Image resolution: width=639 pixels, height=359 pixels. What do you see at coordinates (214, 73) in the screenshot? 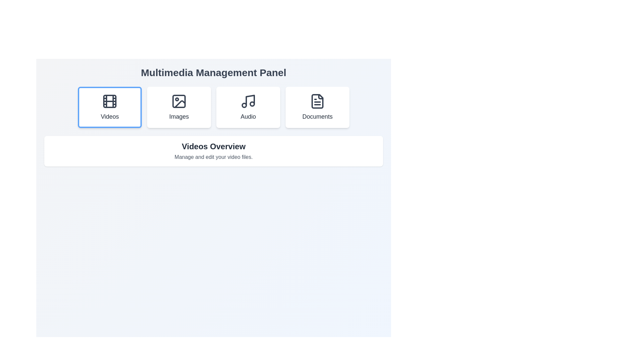
I see `header text element that displays 'Multimedia Management Panel', which is styled with a large font size, bold weight, and gray color, located at the top of the interface` at bounding box center [214, 73].